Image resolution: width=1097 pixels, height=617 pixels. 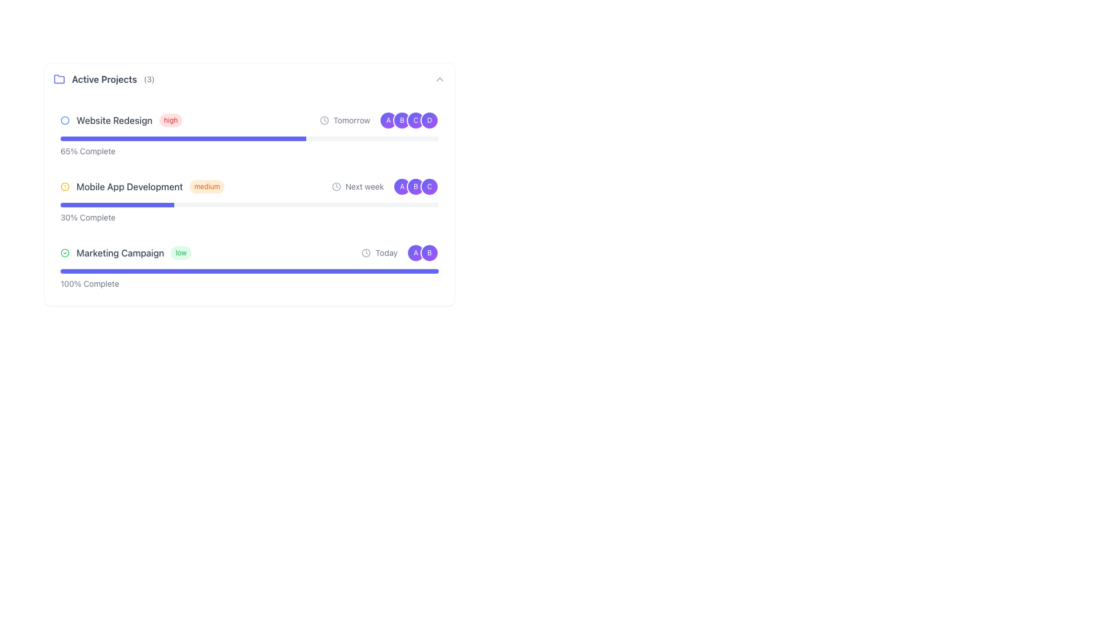 I want to click on the '+' button represented within a circle located at the bottom right corner of the 'Marketing Campaign' row, so click(x=417, y=283).